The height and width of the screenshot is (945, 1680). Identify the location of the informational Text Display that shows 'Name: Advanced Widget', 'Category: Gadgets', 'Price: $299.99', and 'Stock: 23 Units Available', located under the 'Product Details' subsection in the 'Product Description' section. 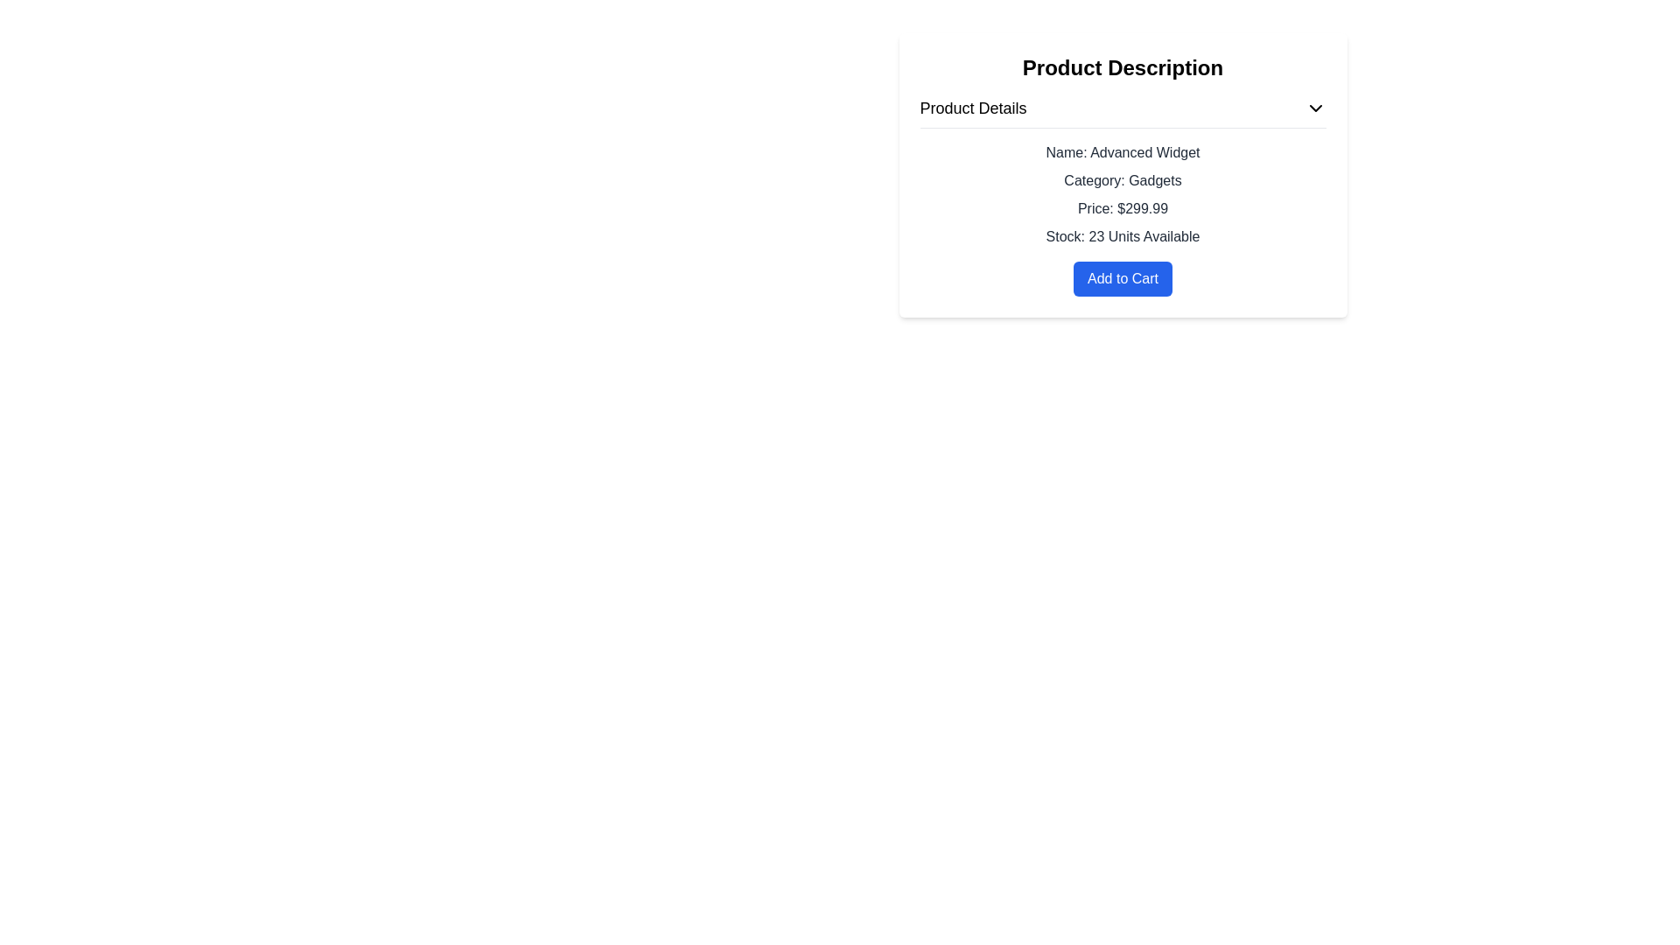
(1123, 195).